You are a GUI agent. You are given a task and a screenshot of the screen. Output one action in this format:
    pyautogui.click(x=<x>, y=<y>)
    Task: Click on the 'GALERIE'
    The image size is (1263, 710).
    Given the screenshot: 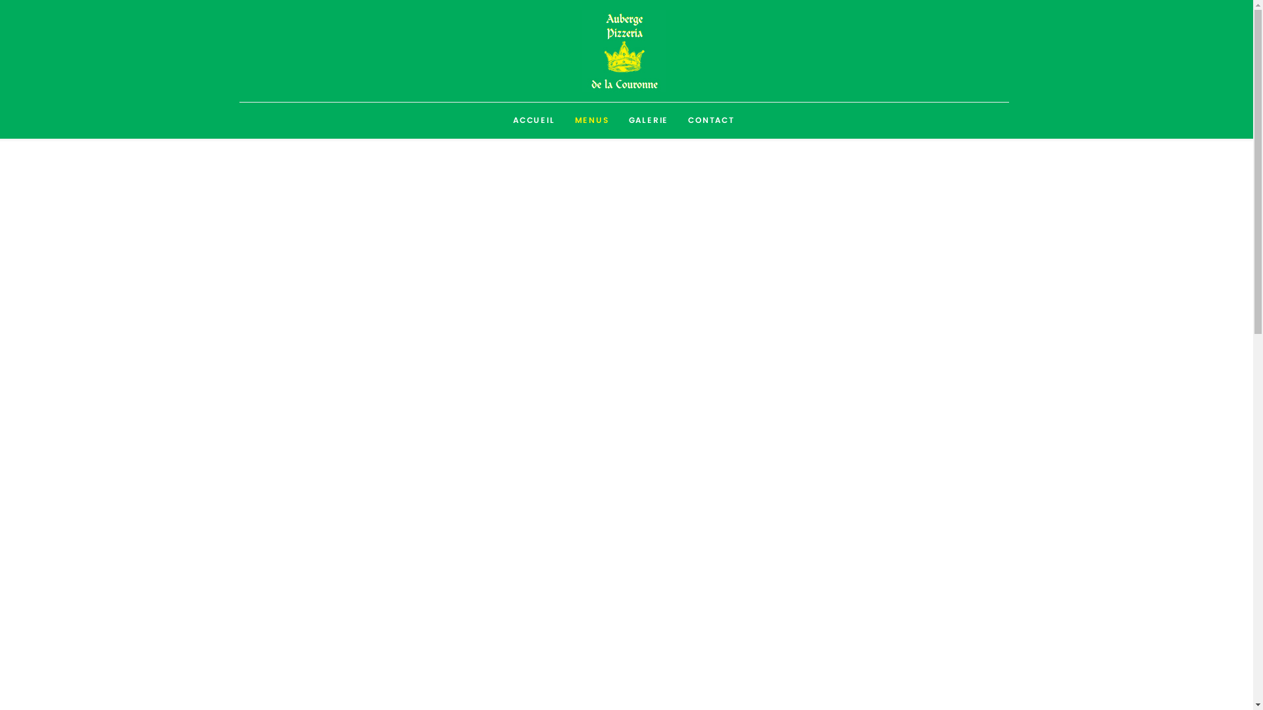 What is the action you would take?
    pyautogui.click(x=649, y=120)
    